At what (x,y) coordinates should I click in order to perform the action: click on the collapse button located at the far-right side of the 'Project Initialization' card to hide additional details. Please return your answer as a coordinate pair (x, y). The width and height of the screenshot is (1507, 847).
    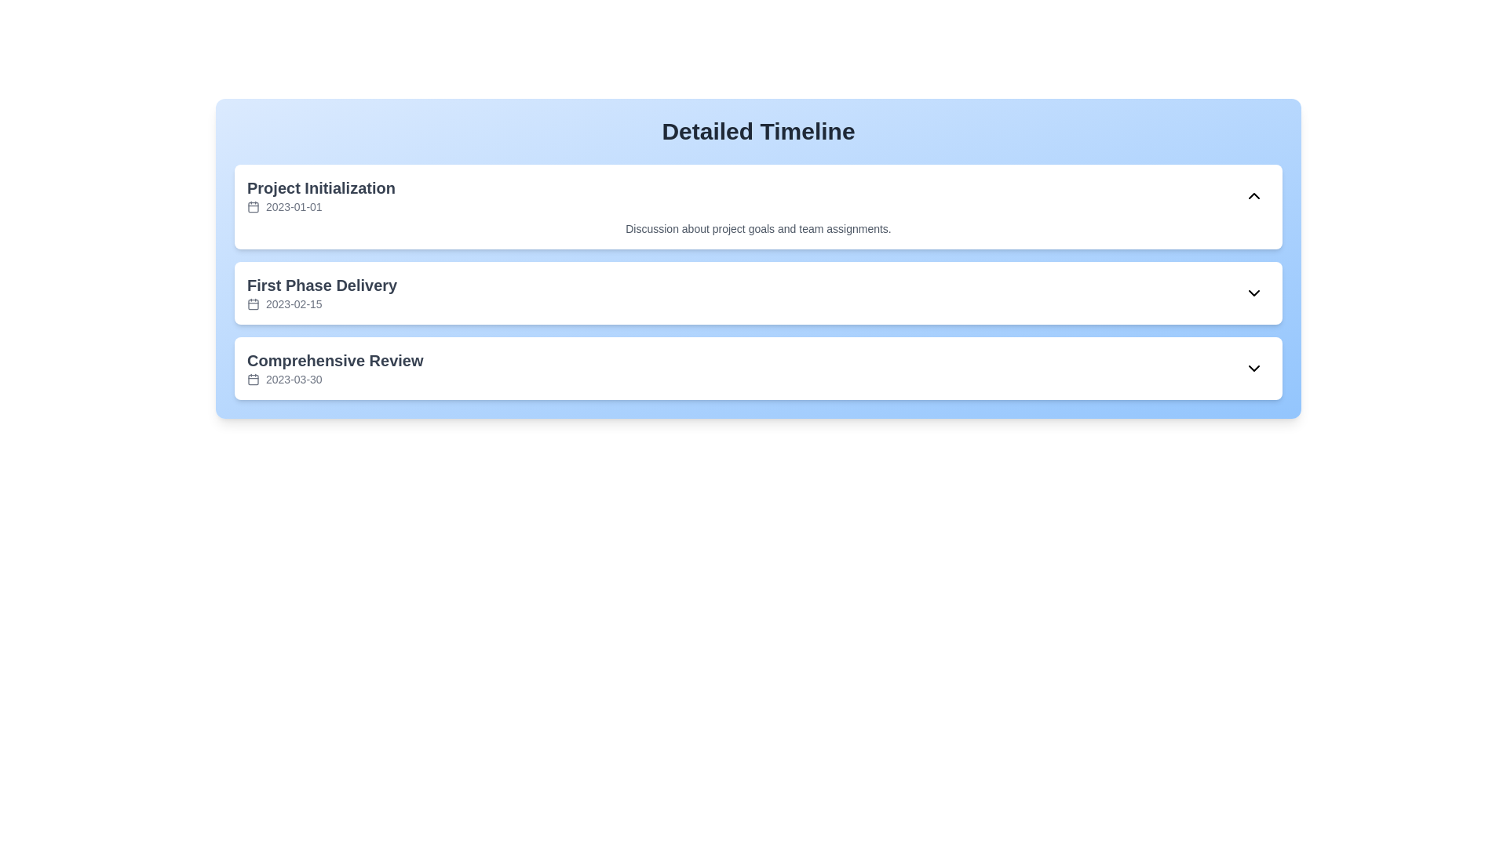
    Looking at the image, I should click on (1253, 195).